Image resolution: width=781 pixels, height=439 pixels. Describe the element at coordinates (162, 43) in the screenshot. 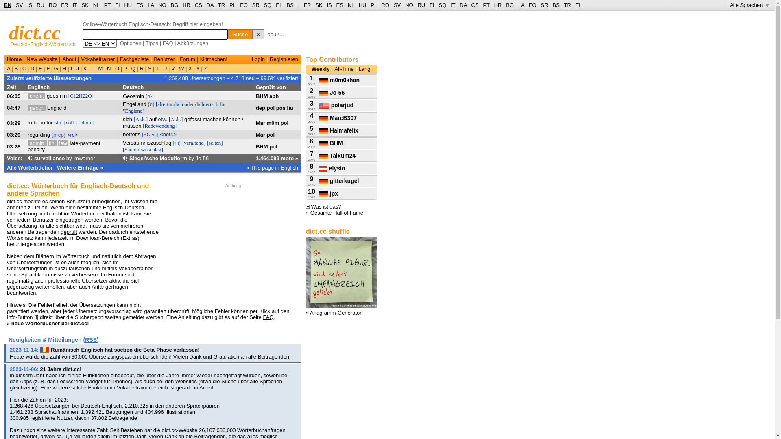

I see `'FAQ'` at that location.